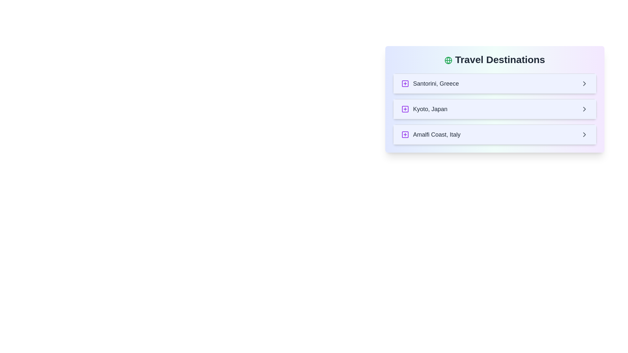  I want to click on the label that specifies the destination 'Santorini, Greece' in the travel-themed interface, which is the first item under the 'Travel Destinations' header, so click(430, 83).